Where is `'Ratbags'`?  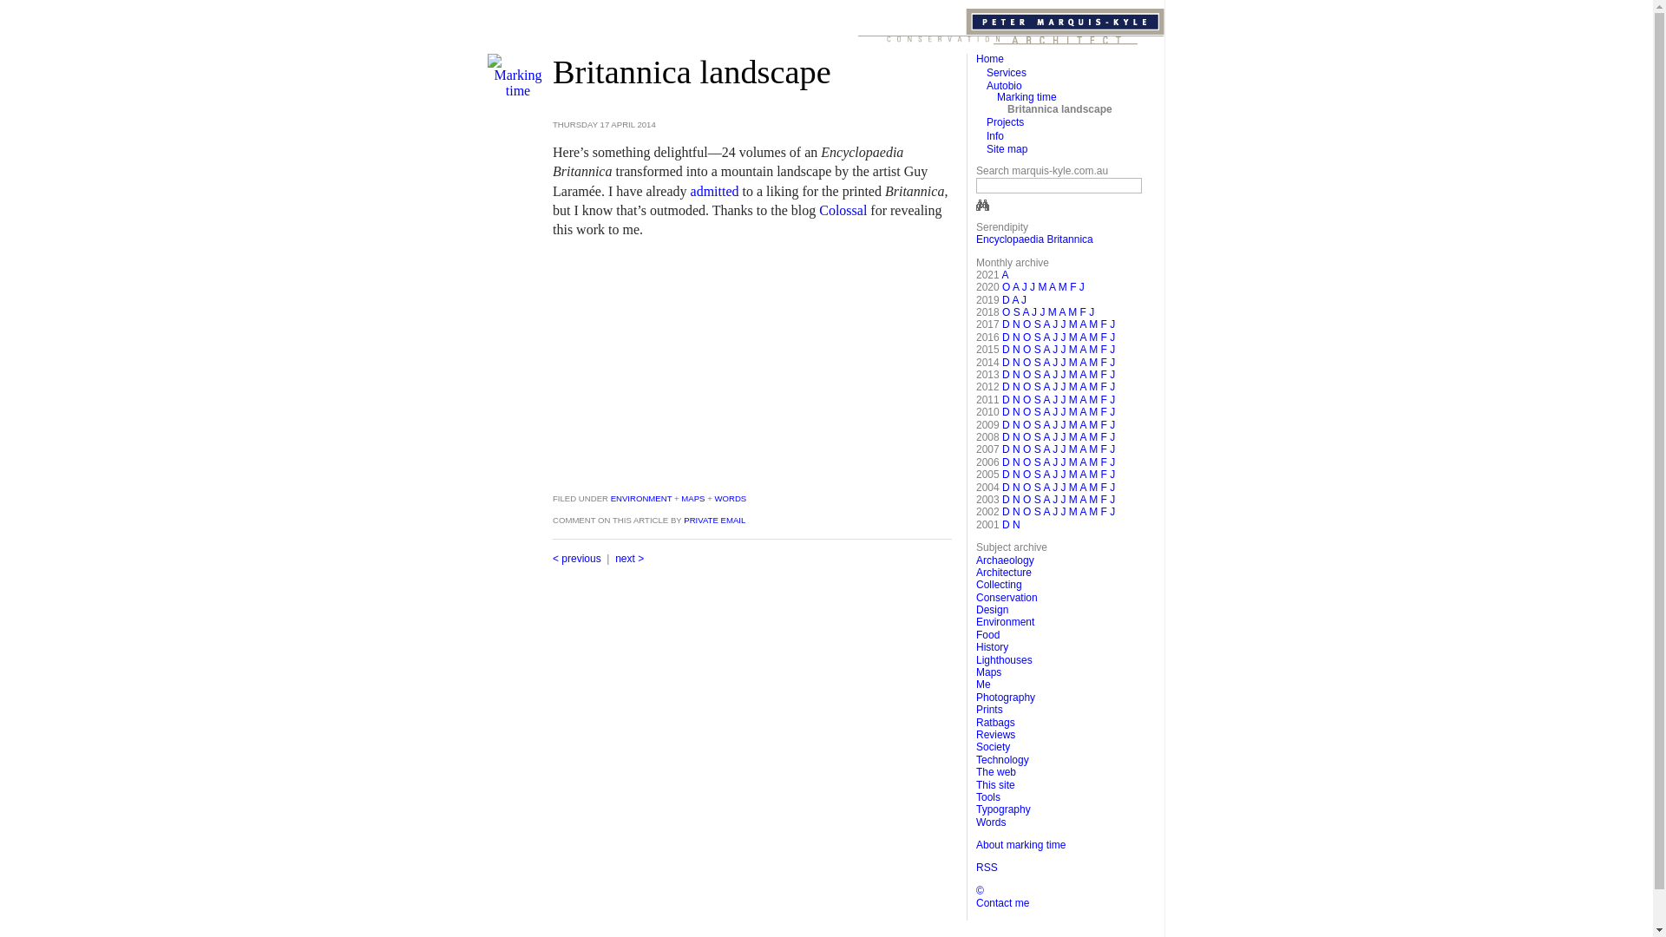 'Ratbags' is located at coordinates (995, 723).